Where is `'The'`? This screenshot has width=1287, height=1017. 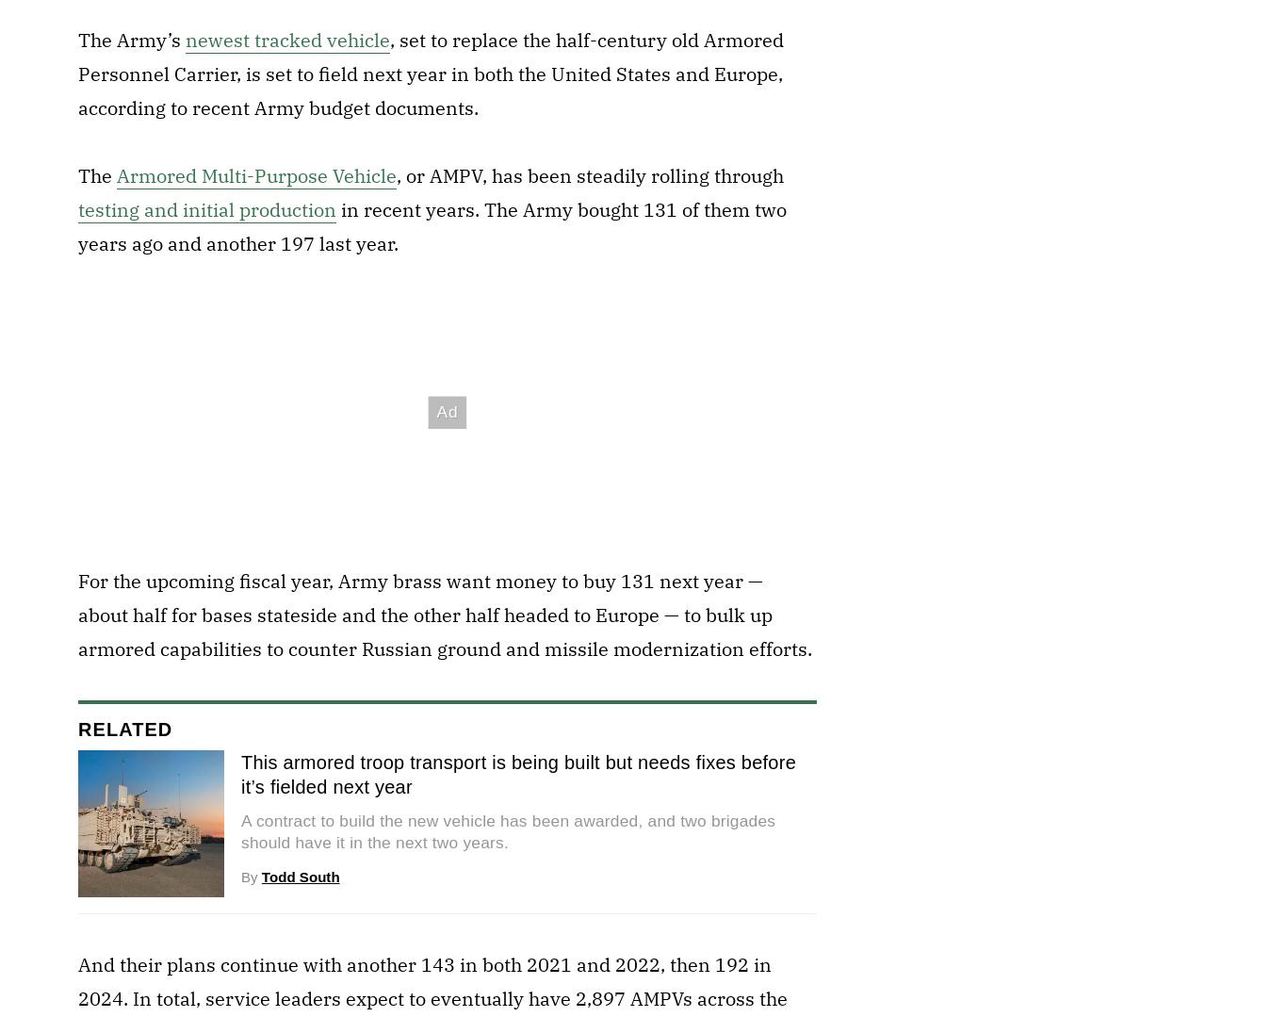 'The' is located at coordinates (97, 174).